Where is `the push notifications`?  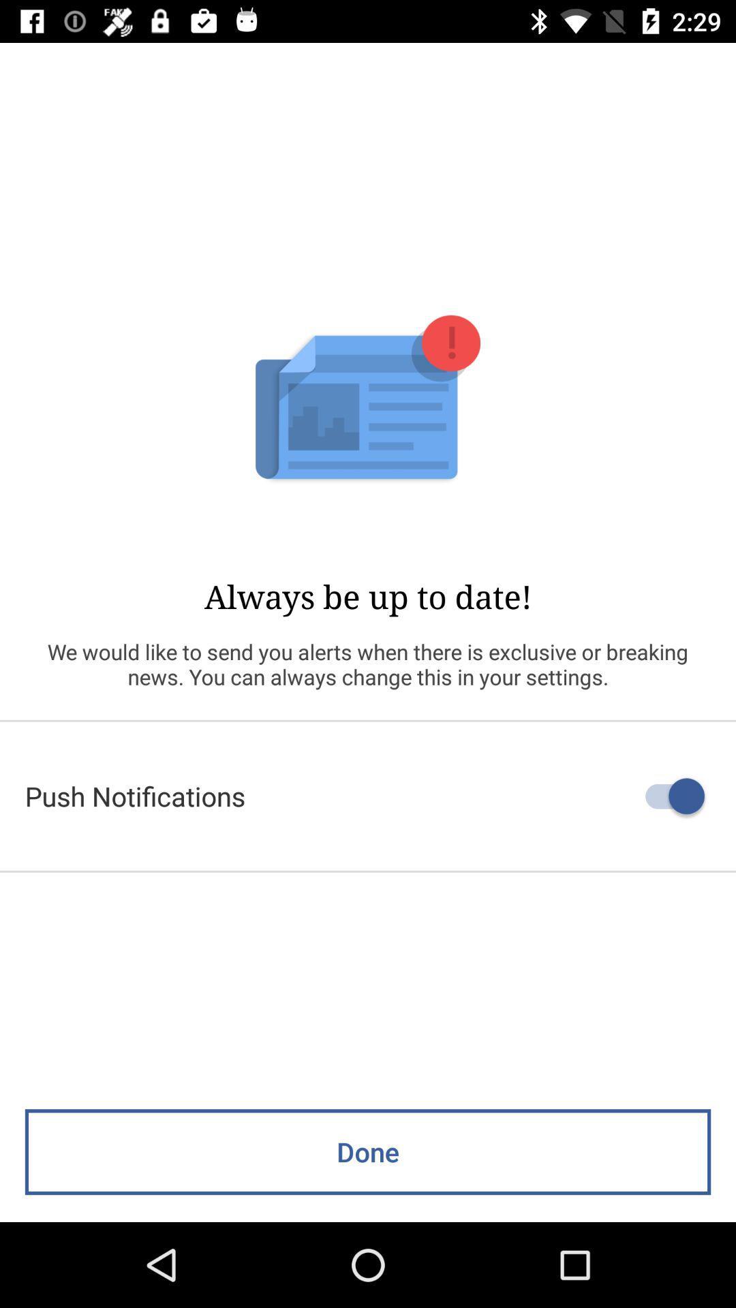
the push notifications is located at coordinates (368, 796).